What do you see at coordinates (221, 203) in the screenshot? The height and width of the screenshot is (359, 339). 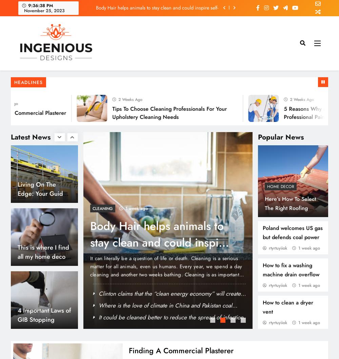 I see `'State is struggling to provide clean water despite efforts'` at bounding box center [221, 203].